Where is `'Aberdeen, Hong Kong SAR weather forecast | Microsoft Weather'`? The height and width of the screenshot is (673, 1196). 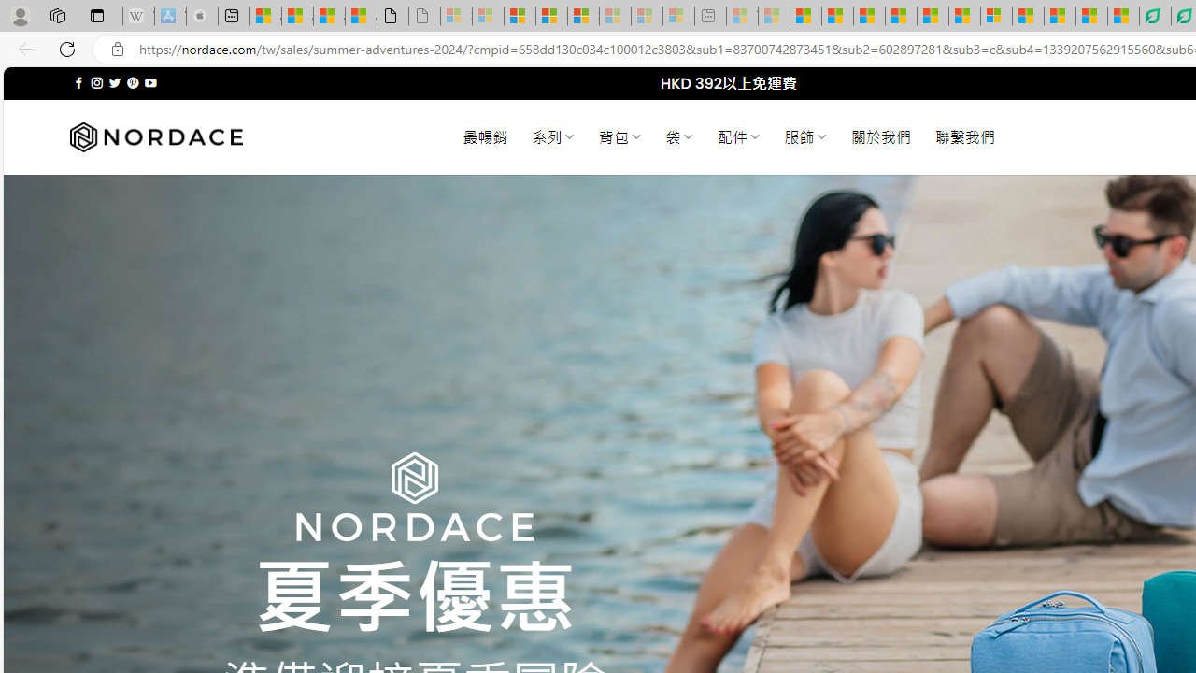
'Aberdeen, Hong Kong SAR weather forecast | Microsoft Weather' is located at coordinates (296, 16).